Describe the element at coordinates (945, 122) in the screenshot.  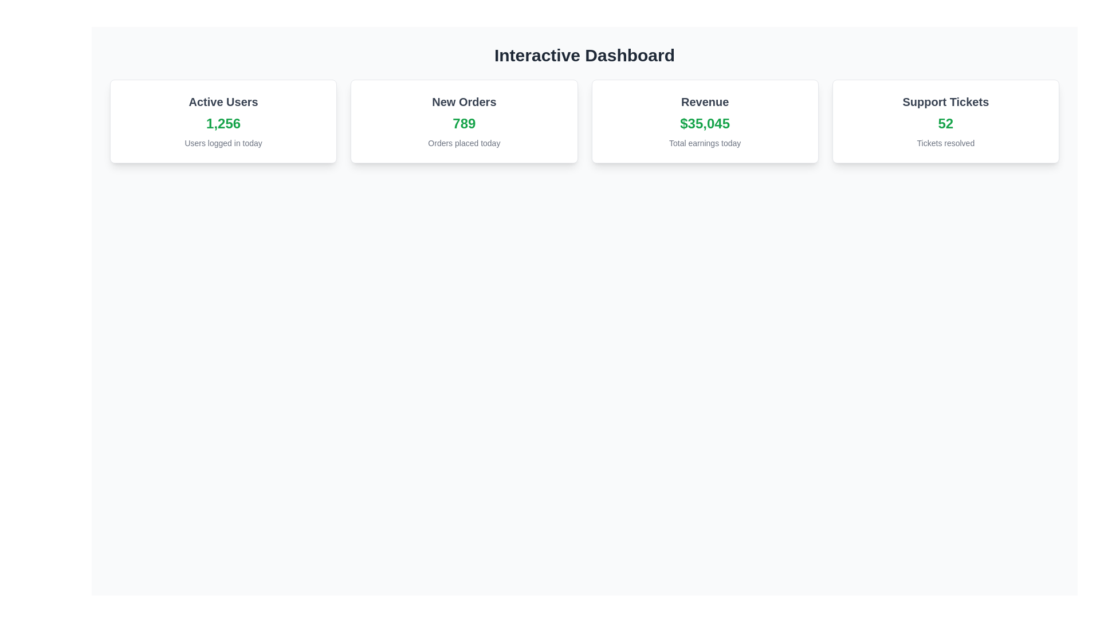
I see `the Informational Card displaying the number of support tickets resolved, which is the fourth card in the grid layout located in the top right corner adjacent to the 'Revenue' card` at that location.